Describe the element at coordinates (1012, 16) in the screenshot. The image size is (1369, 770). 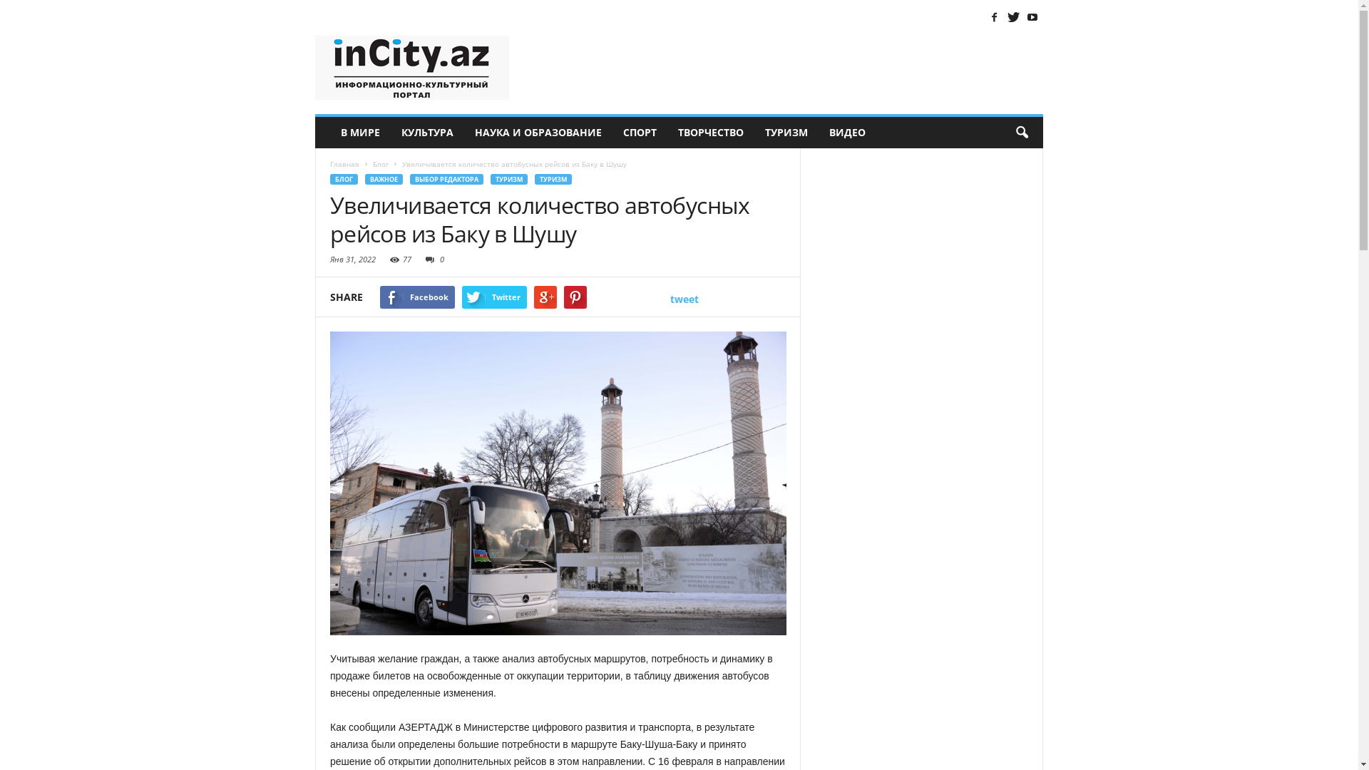
I see `'Twitter'` at that location.